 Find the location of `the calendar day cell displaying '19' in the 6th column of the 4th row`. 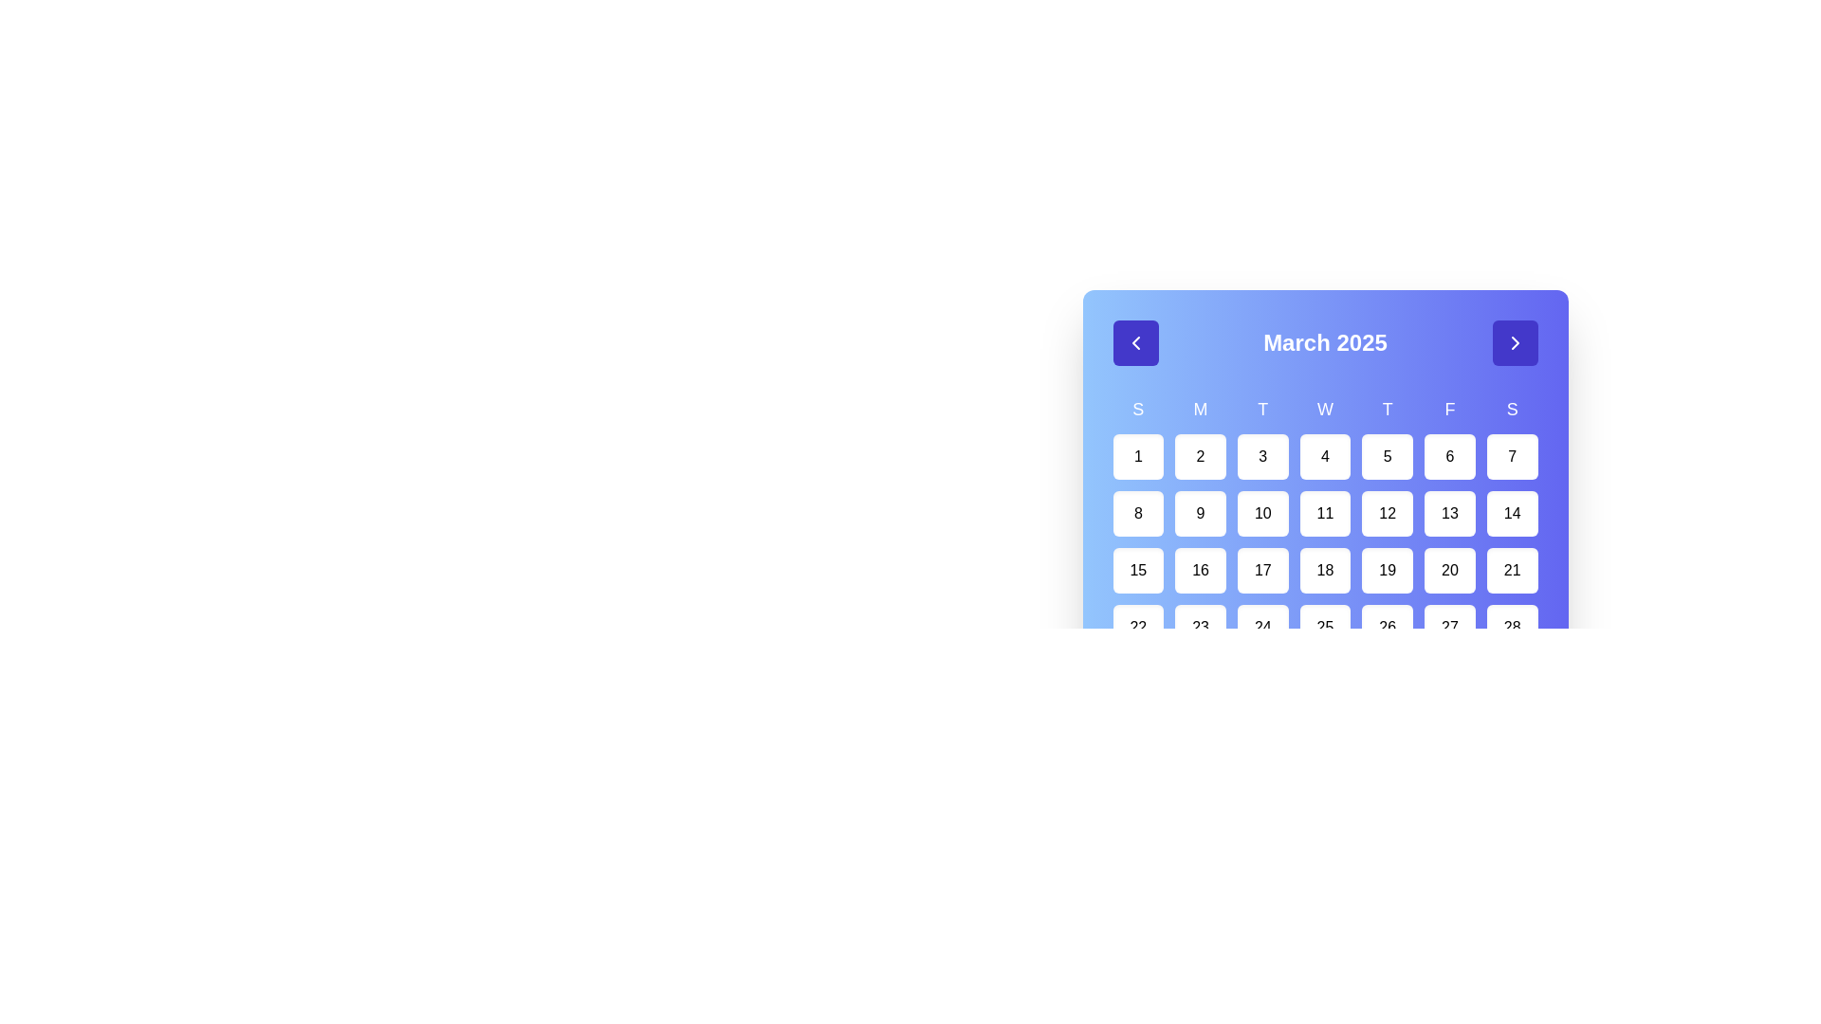

the calendar day cell displaying '19' in the 6th column of the 4th row is located at coordinates (1388, 569).